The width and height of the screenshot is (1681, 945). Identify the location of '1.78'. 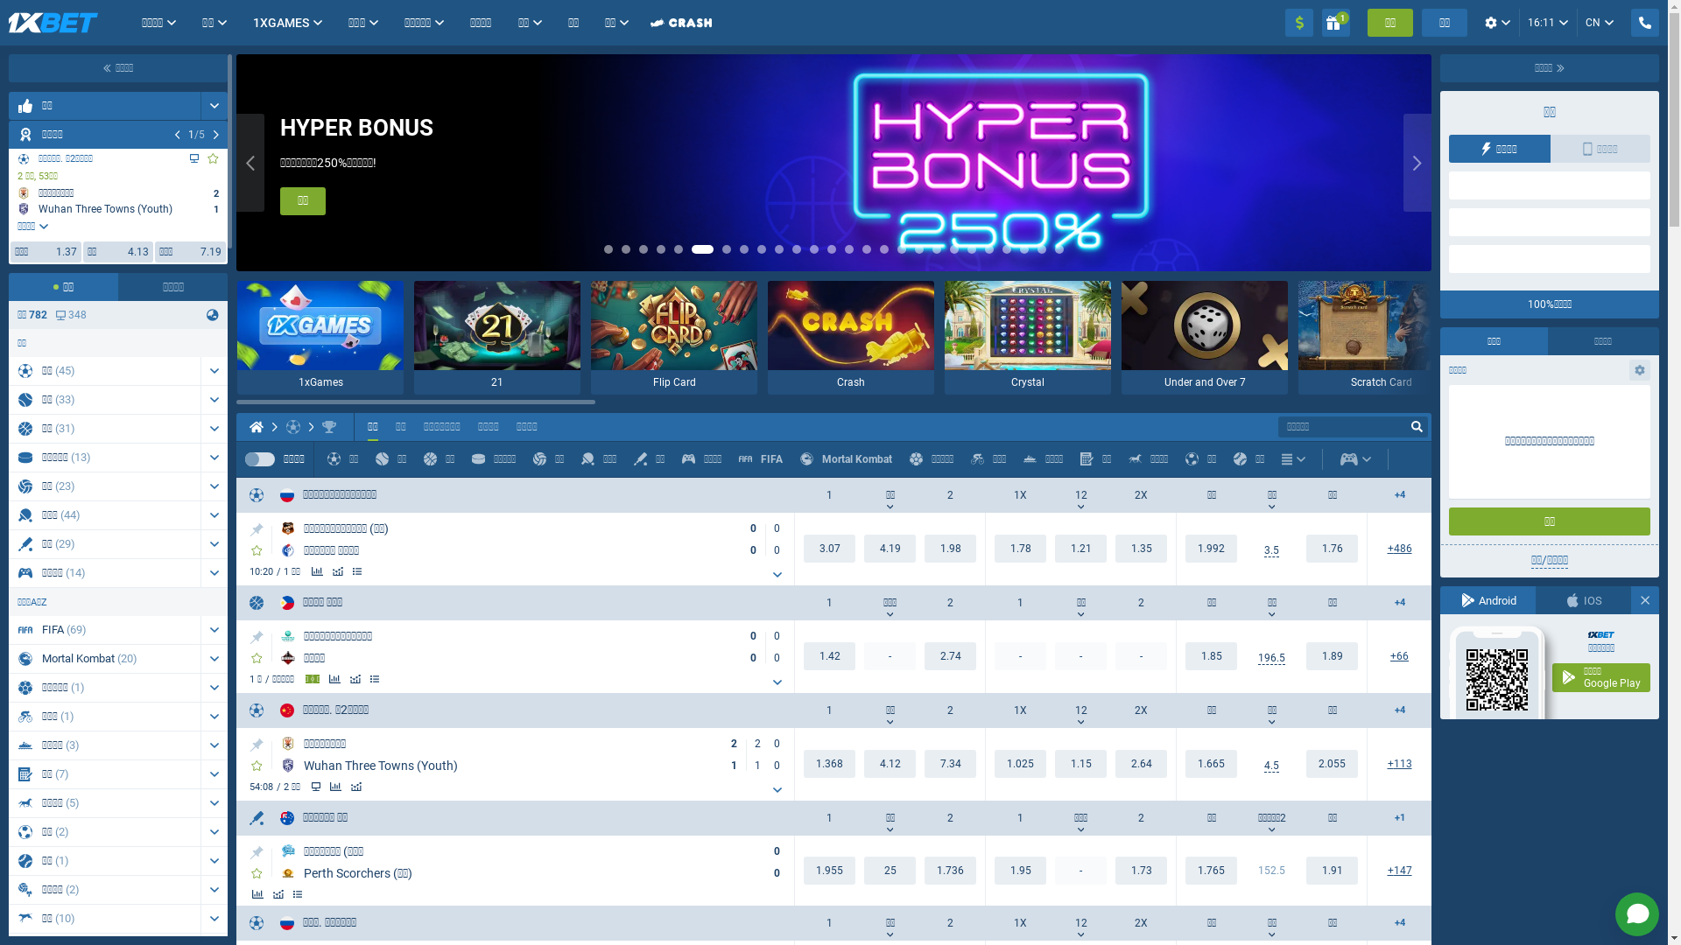
(1020, 548).